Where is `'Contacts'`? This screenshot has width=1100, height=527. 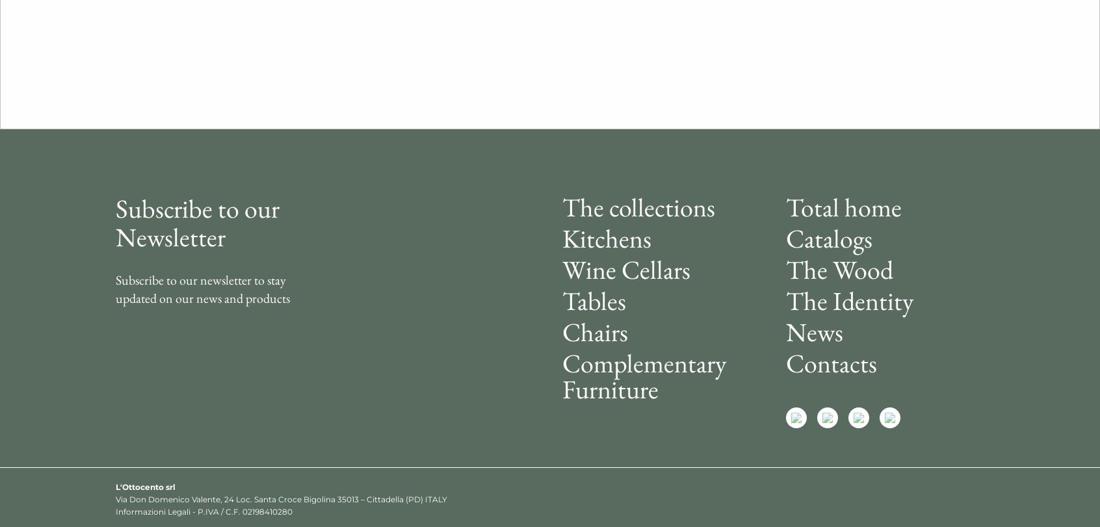
'Contacts' is located at coordinates (830, 361).